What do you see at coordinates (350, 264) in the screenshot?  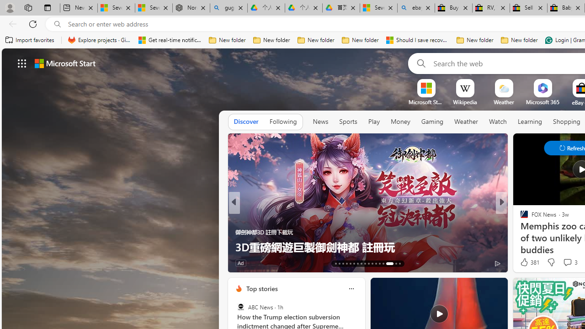 I see `'AutomationID: tab-17'` at bounding box center [350, 264].